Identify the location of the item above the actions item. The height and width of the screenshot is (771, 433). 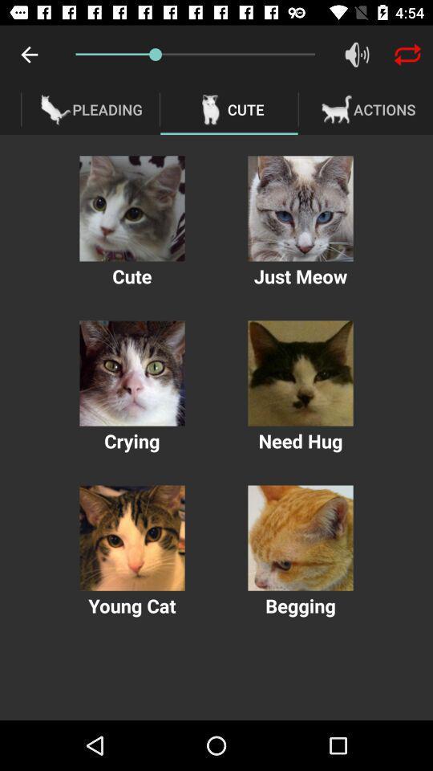
(407, 55).